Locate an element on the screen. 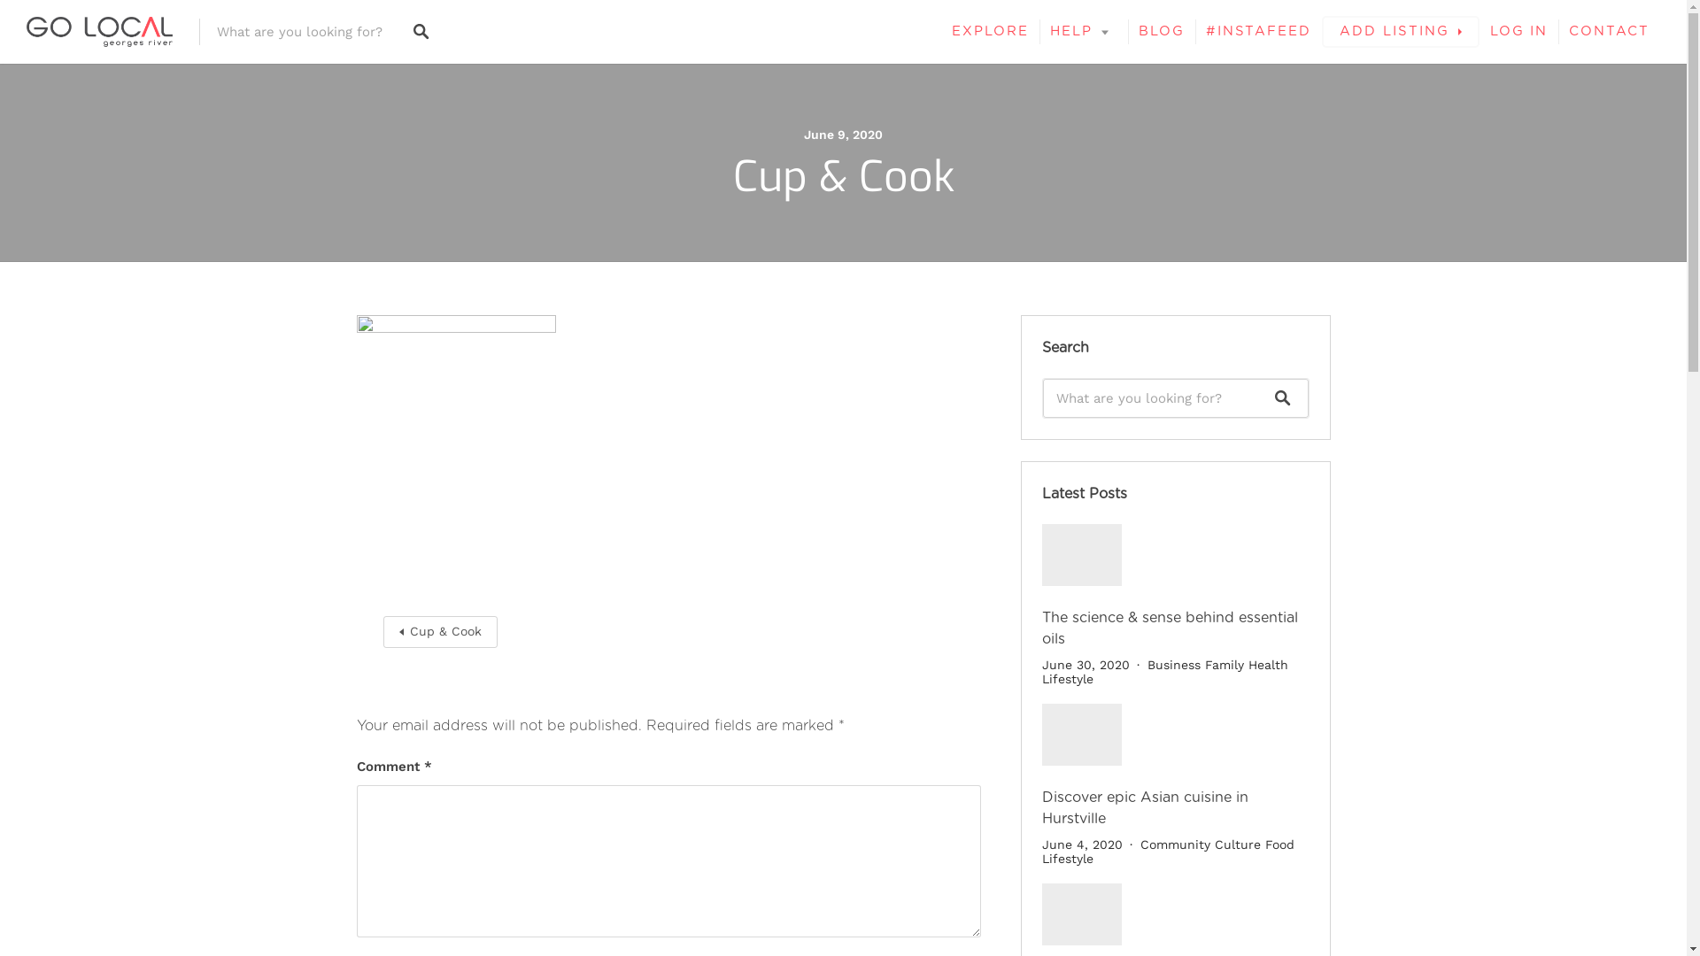  'June 9, 2020' is located at coordinates (842, 133).